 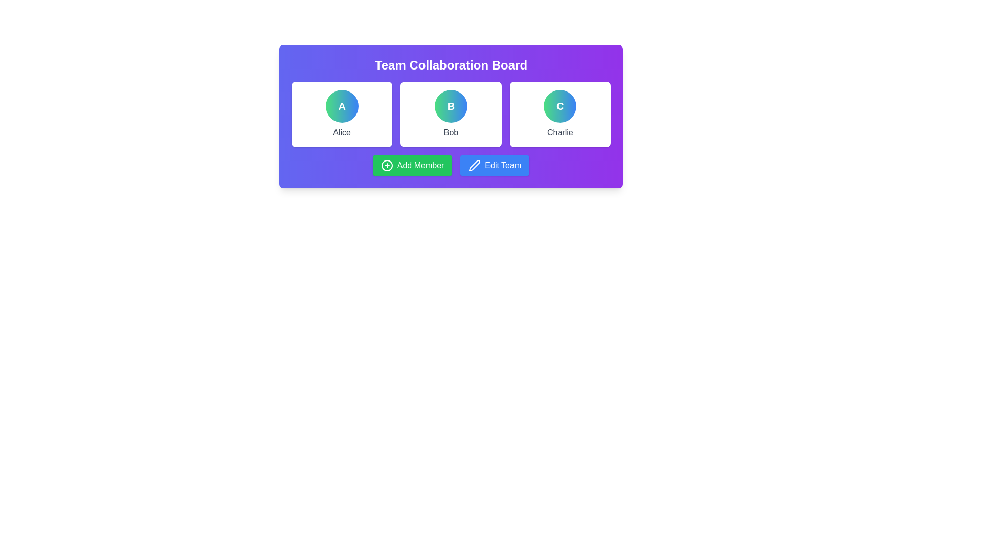 What do you see at coordinates (474, 165) in the screenshot?
I see `the 'Edit Team' button, which is indicated by an icon on the left side of the button, positioned below the user panels for 'Alice', 'Bob', and 'Charlie', and to the right of the 'Add Member' button` at bounding box center [474, 165].